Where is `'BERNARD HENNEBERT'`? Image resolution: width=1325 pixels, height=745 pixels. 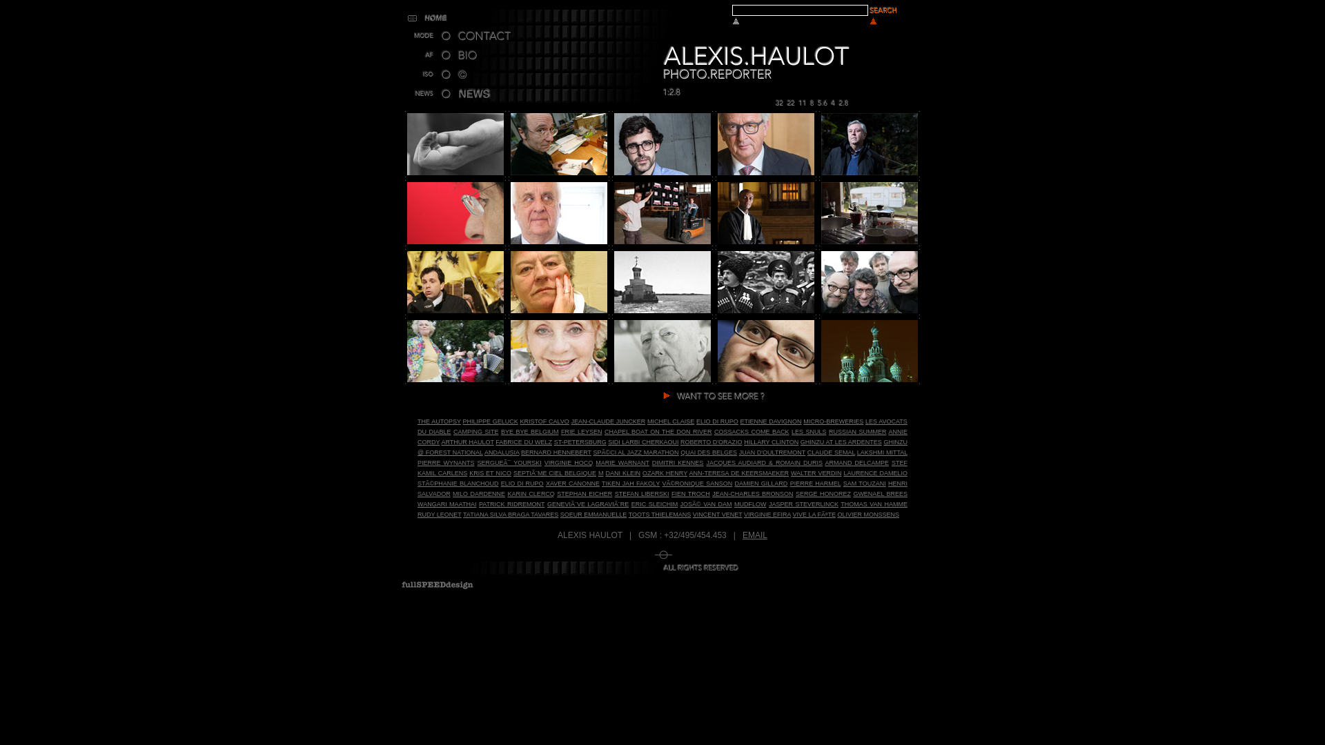
'BERNARD HENNEBERT' is located at coordinates (556, 452).